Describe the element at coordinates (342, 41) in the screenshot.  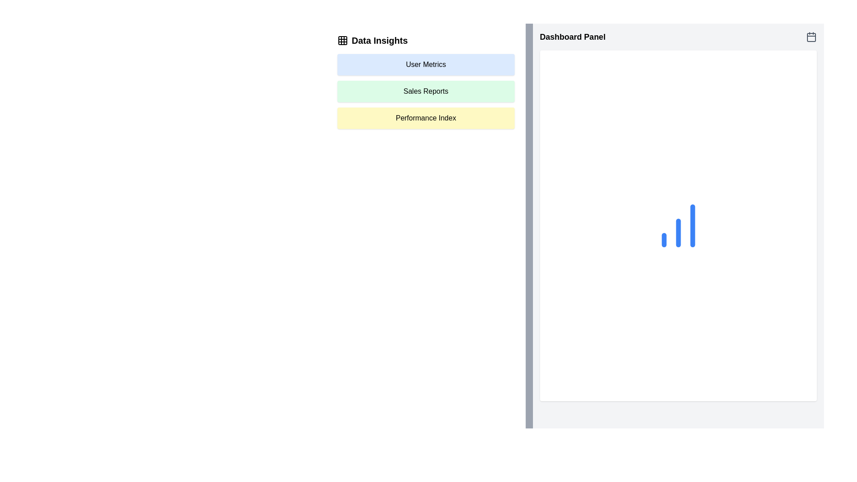
I see `the grid icon located to the immediate left of the 'Data Insights' text, which serves as a menu button for the Data Insights section` at that location.